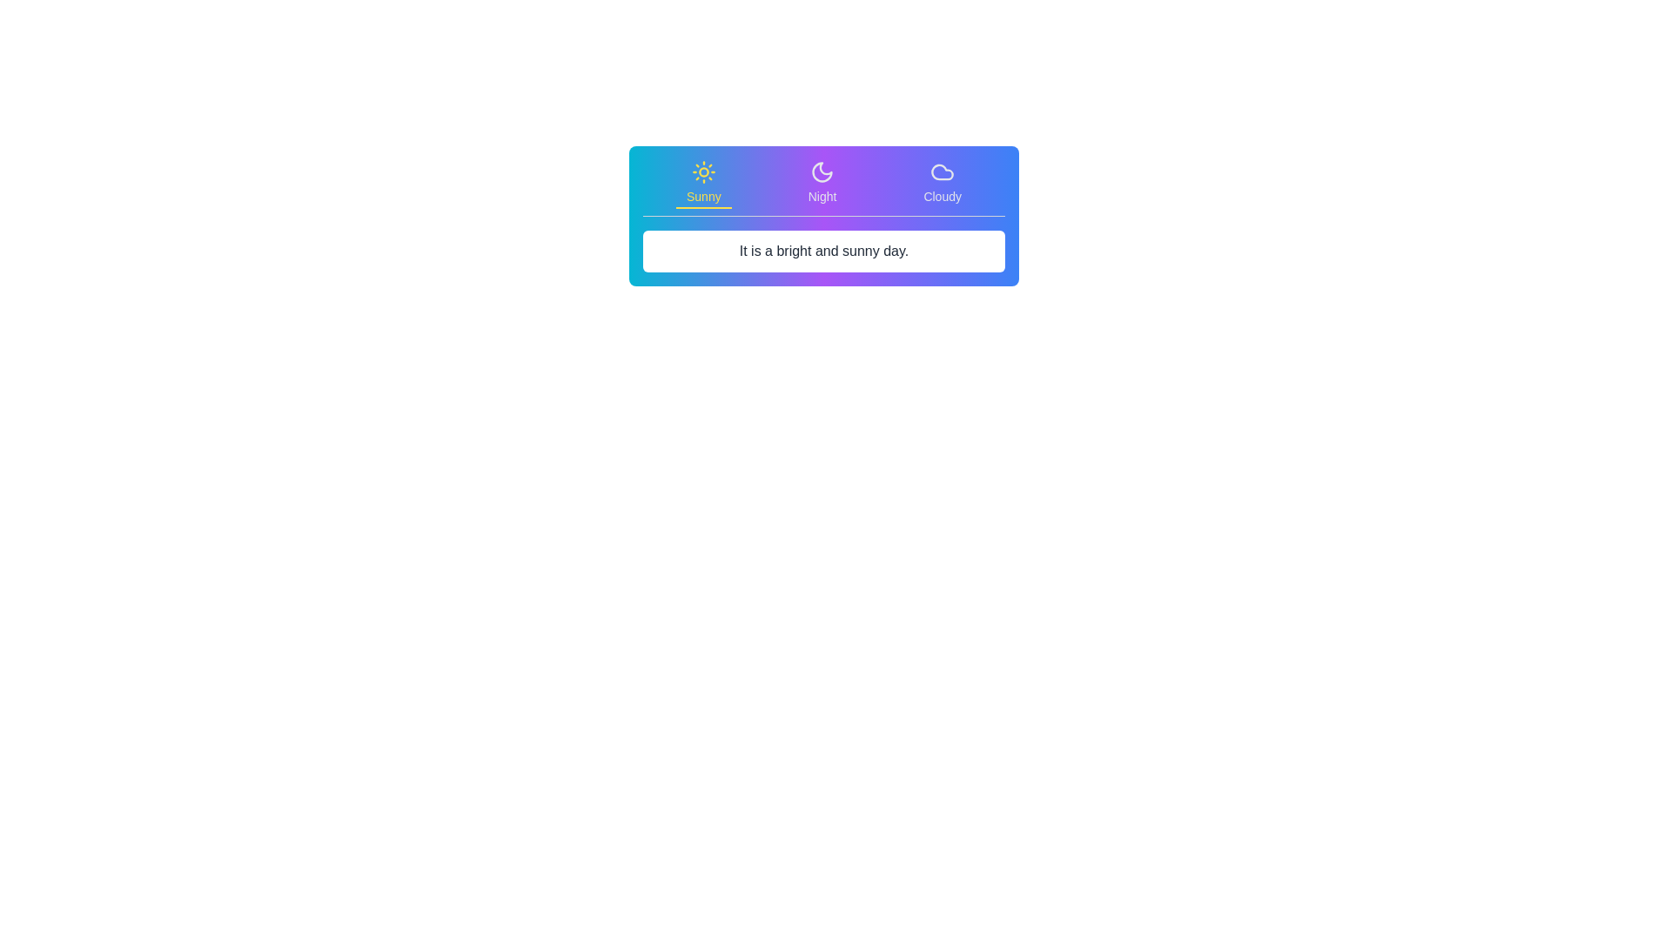 Image resolution: width=1671 pixels, height=940 pixels. Describe the element at coordinates (942, 171) in the screenshot. I see `the SVG cloud icon located in the 'Cloudy' section at the top-right position among the options` at that location.